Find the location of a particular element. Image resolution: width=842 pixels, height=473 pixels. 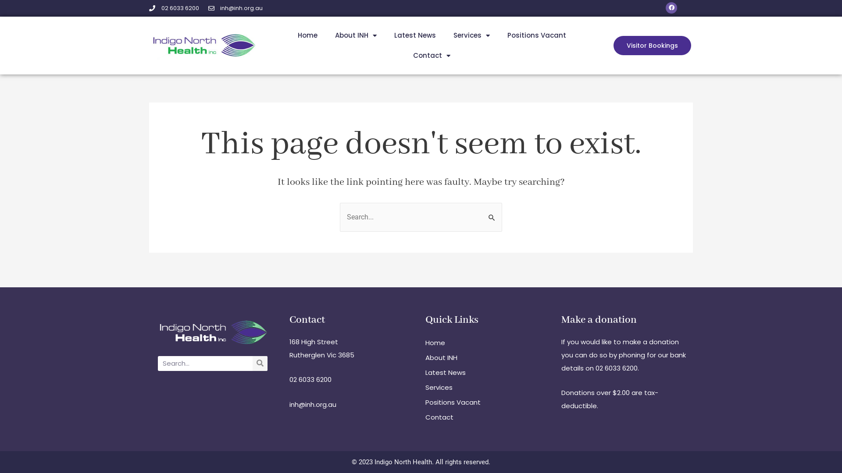

'Services' is located at coordinates (488, 387).